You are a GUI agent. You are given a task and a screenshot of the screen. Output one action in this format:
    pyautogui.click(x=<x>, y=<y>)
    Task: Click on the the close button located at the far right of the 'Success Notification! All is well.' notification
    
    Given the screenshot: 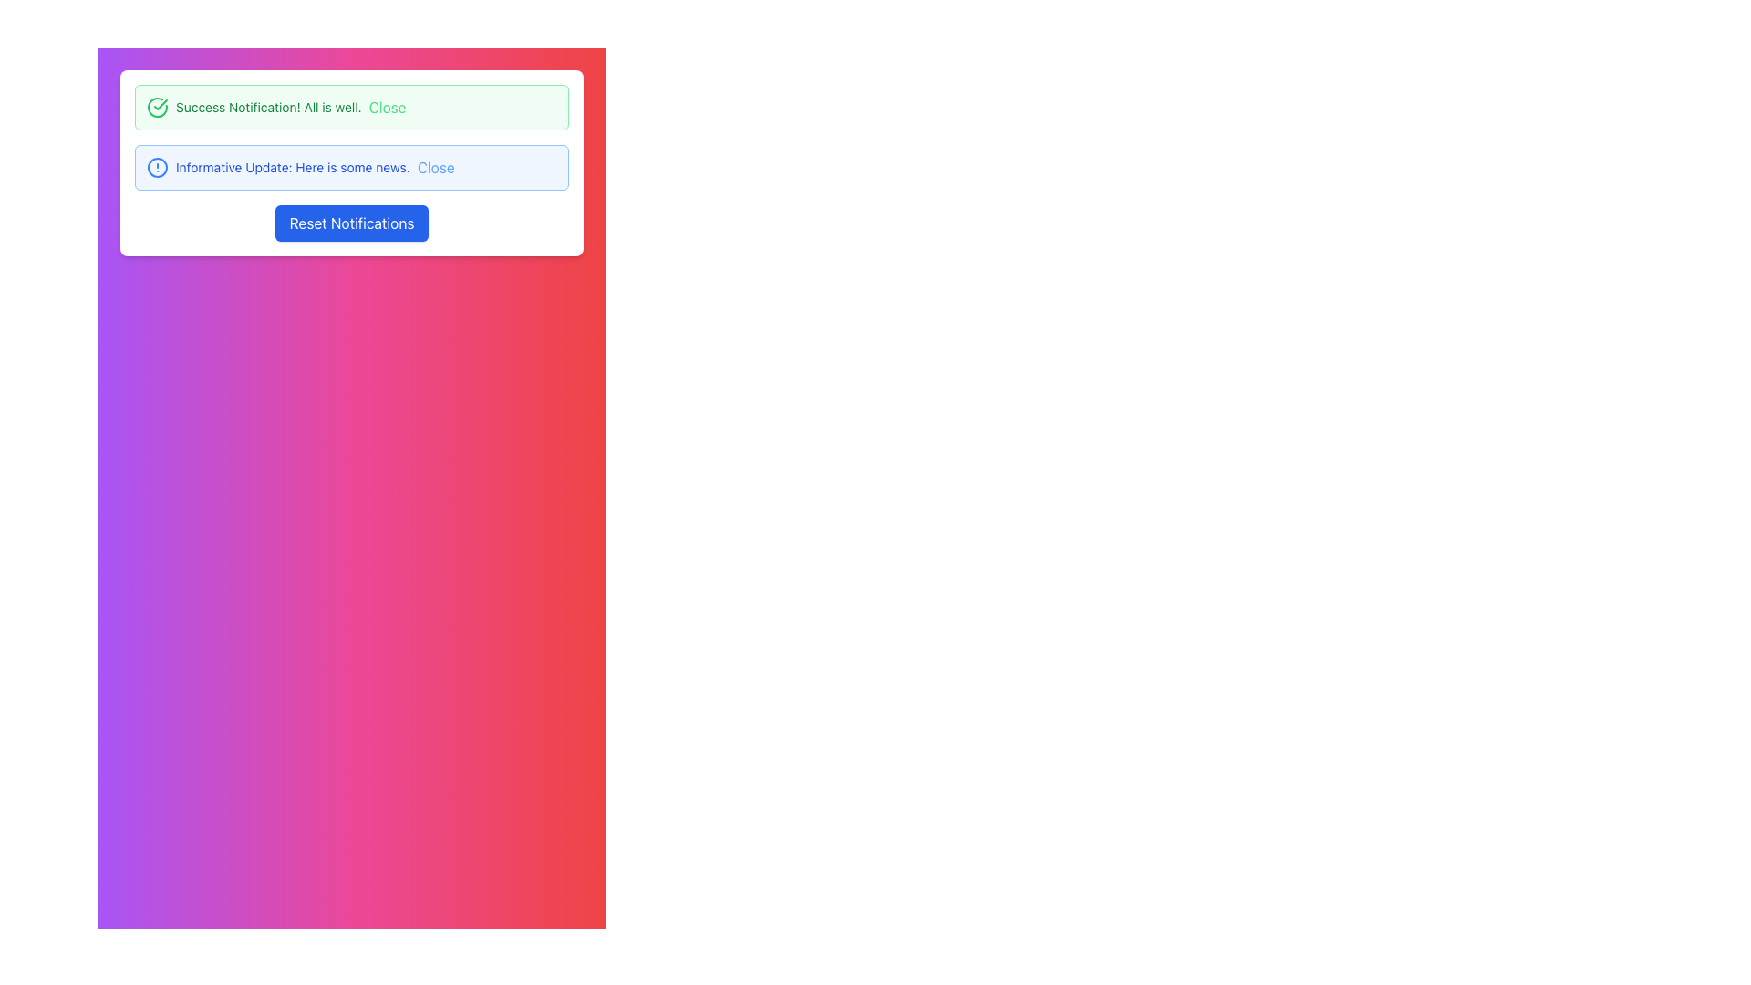 What is the action you would take?
    pyautogui.click(x=387, y=108)
    